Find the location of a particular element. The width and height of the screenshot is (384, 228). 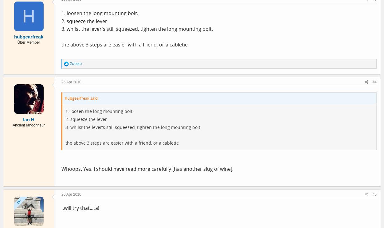

'#4' is located at coordinates (374, 82).